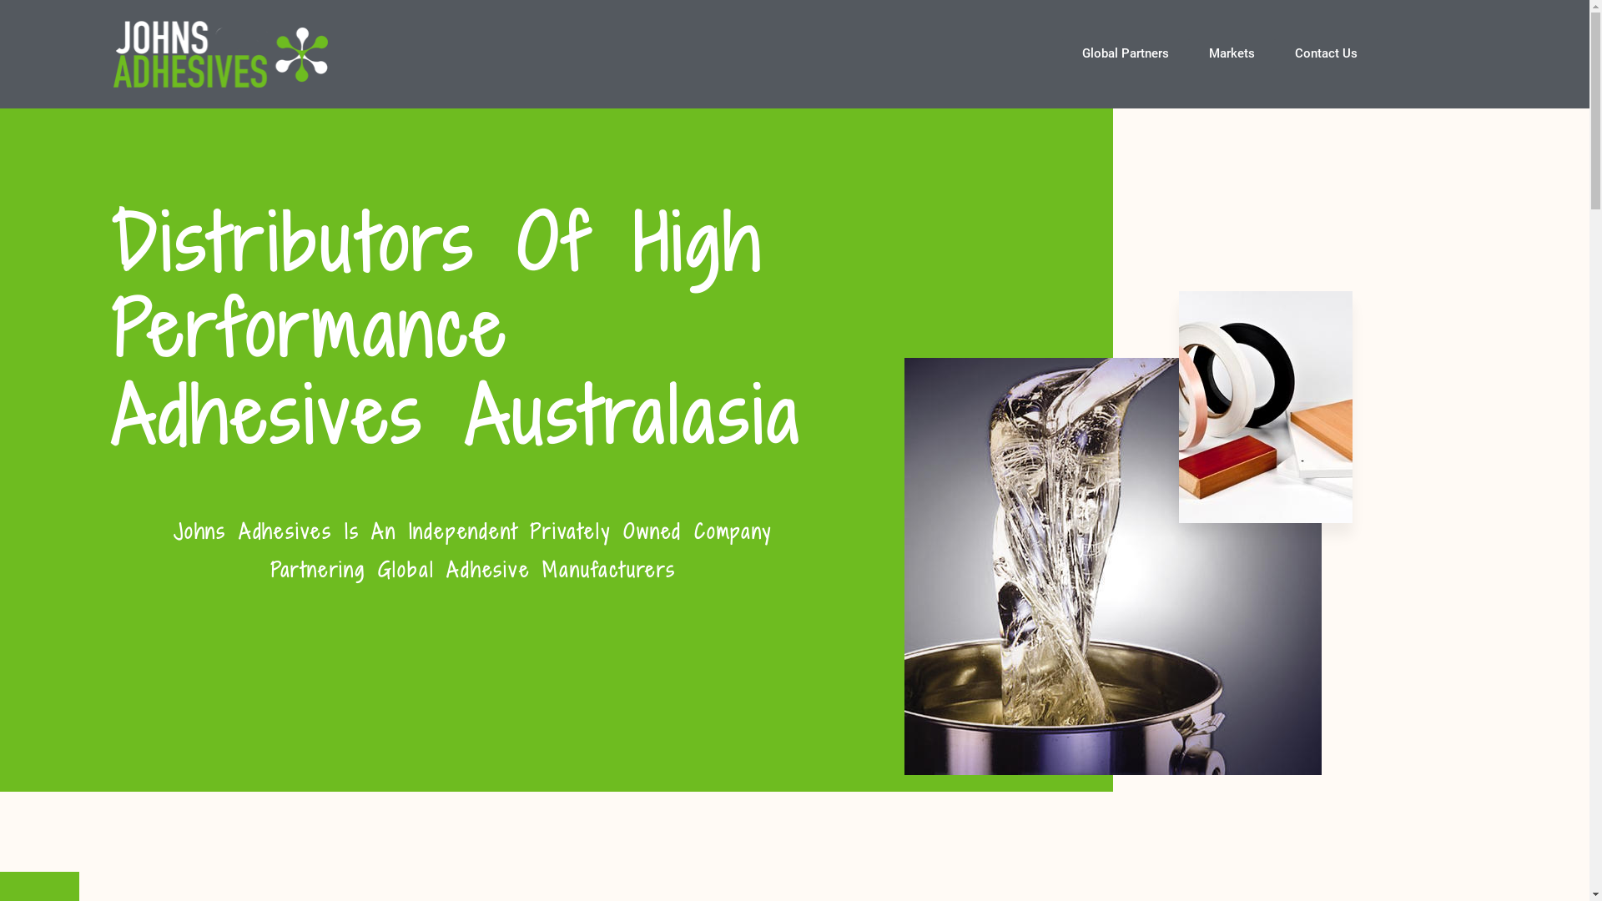  What do you see at coordinates (1188, 53) in the screenshot?
I see `'Markets'` at bounding box center [1188, 53].